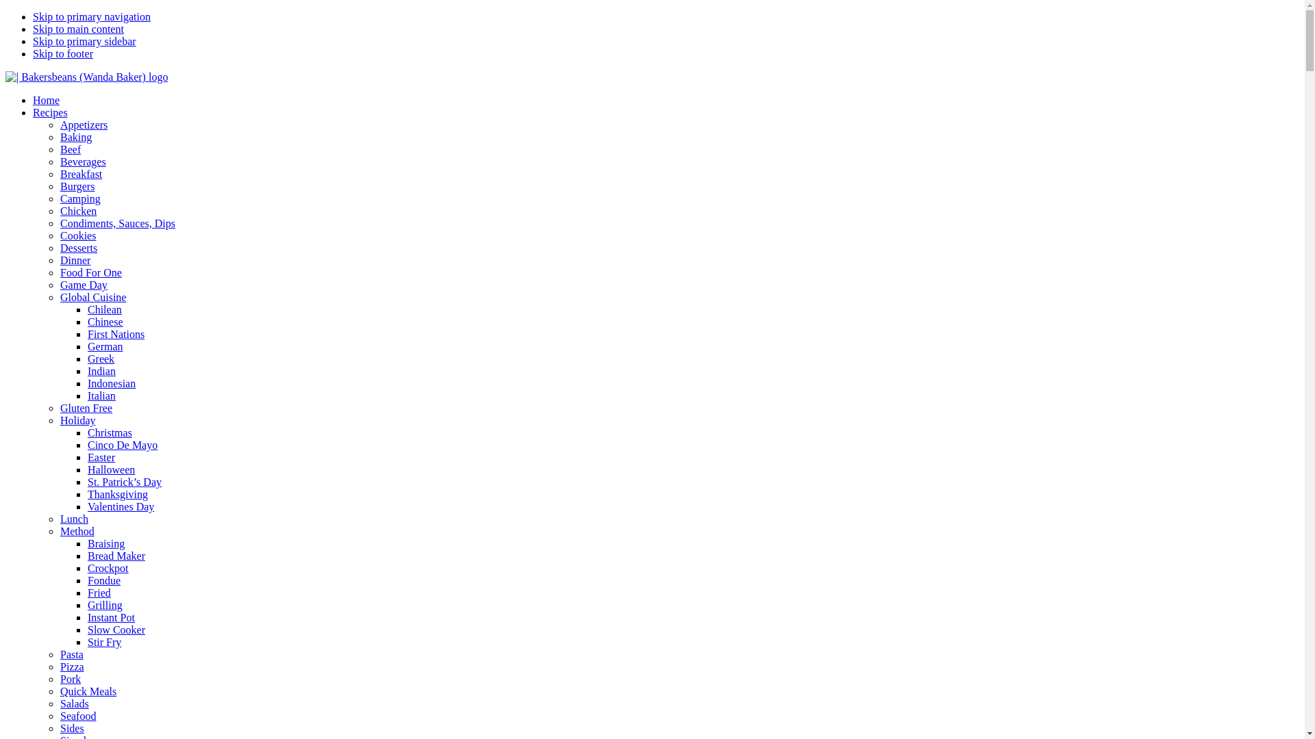 The height and width of the screenshot is (739, 1315). Describe the element at coordinates (104, 309) in the screenshot. I see `'Chilean'` at that location.